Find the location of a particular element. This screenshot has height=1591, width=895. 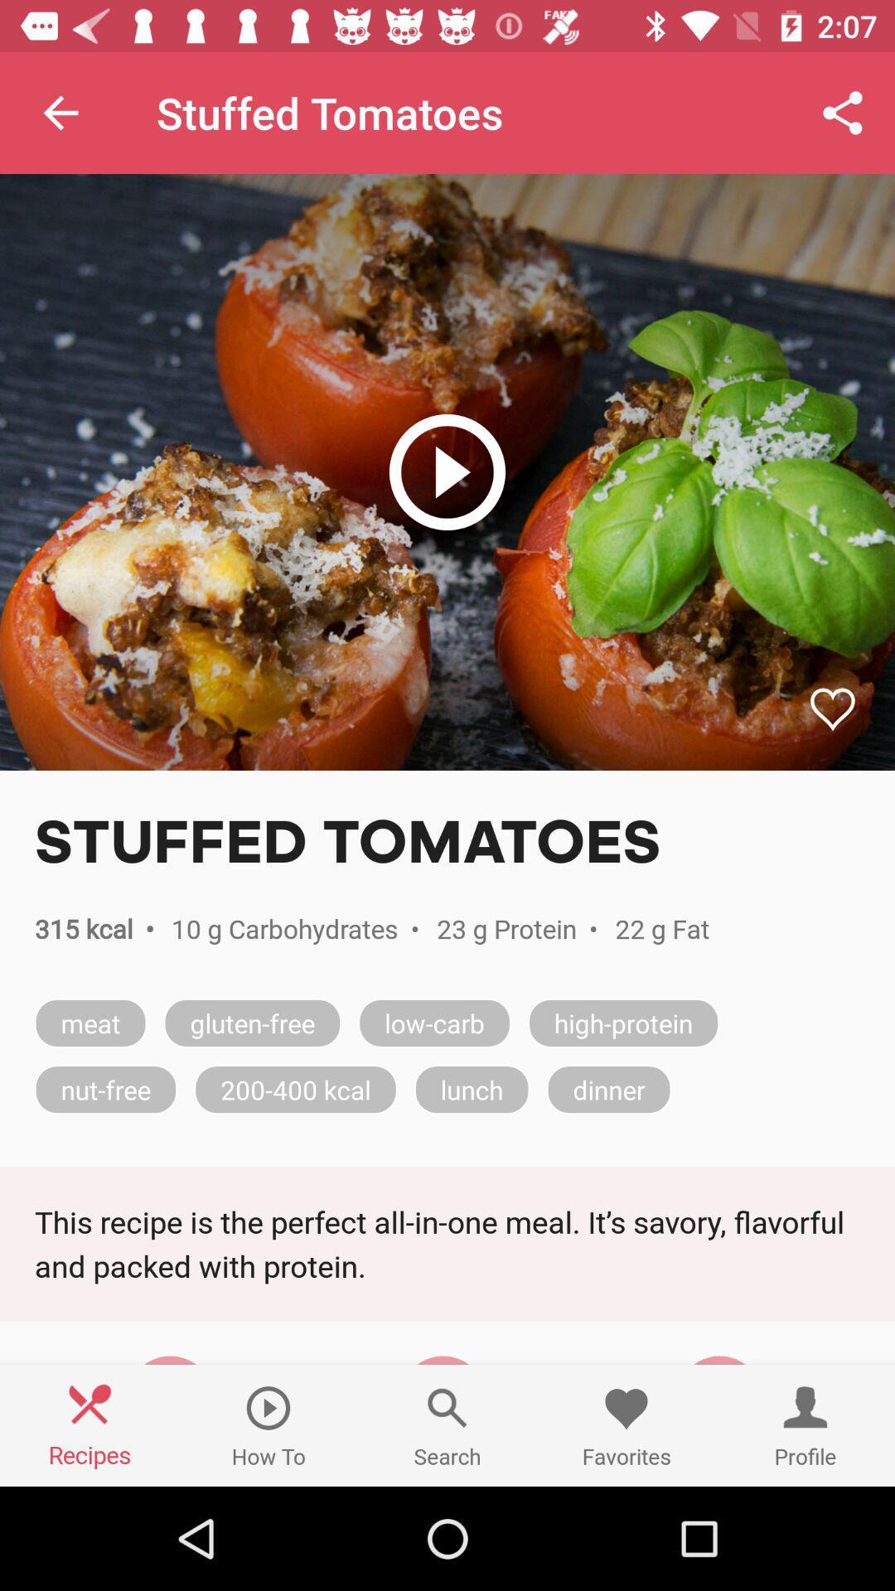

the icon at the top left corner is located at coordinates (60, 112).